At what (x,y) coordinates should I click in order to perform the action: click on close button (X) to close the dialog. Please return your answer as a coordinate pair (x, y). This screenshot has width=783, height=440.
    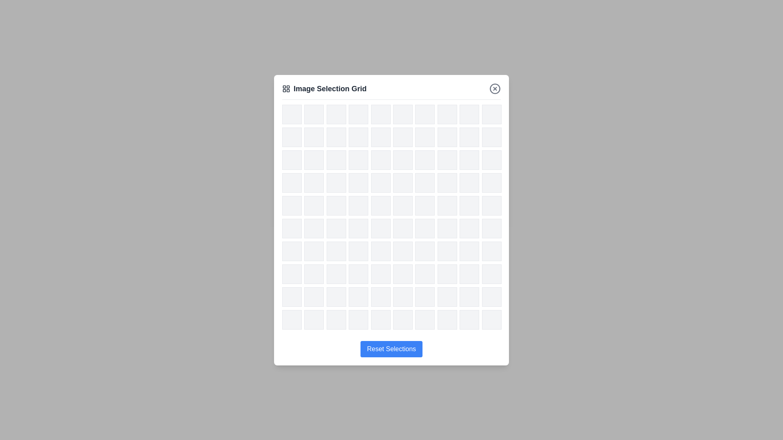
    Looking at the image, I should click on (495, 88).